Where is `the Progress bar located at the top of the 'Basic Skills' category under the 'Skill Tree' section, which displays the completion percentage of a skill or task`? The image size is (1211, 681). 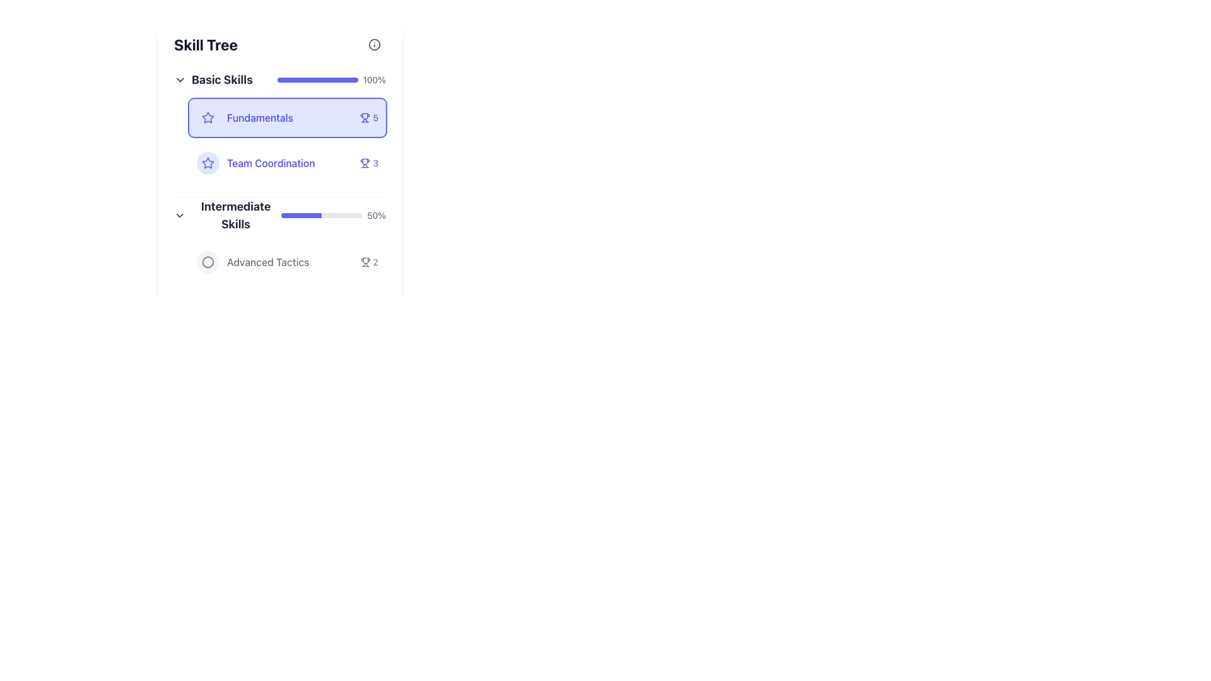
the Progress bar located at the top of the 'Basic Skills' category under the 'Skill Tree' section, which displays the completion percentage of a skill or task is located at coordinates (317, 80).